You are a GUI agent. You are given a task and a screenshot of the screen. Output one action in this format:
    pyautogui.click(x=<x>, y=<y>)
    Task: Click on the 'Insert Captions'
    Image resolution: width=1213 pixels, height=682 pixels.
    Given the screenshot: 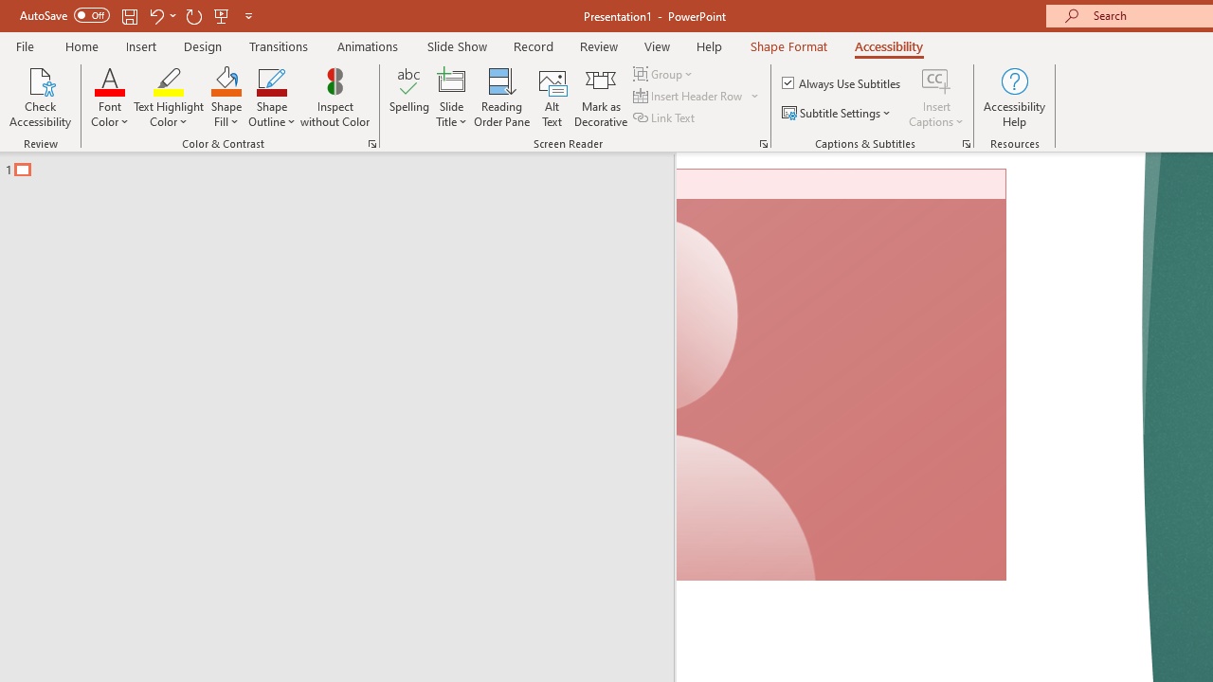 What is the action you would take?
    pyautogui.click(x=936, y=98)
    